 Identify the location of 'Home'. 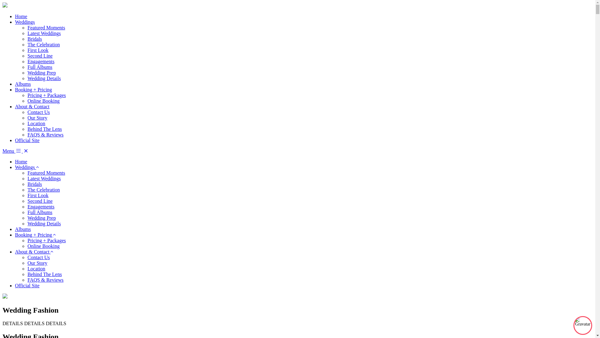
(15, 16).